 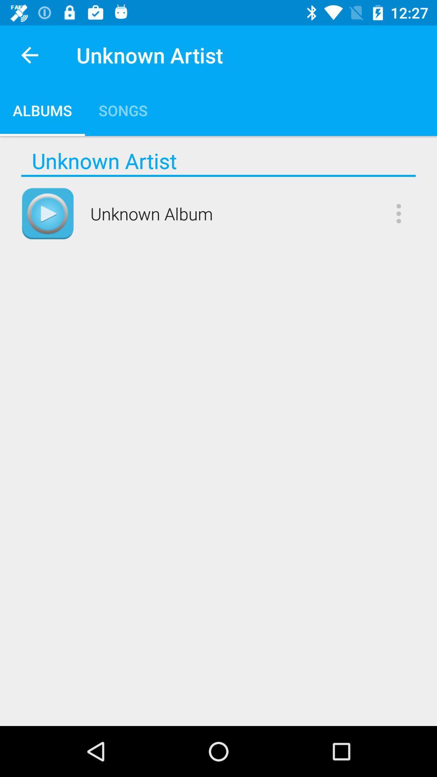 I want to click on the app next to unknown artist item, so click(x=29, y=55).